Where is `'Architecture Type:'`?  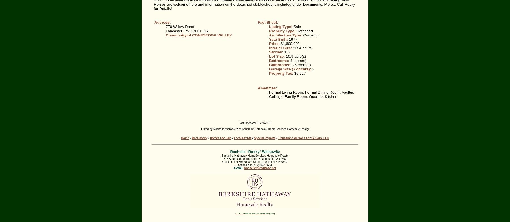 'Architecture Type:' is located at coordinates (286, 35).